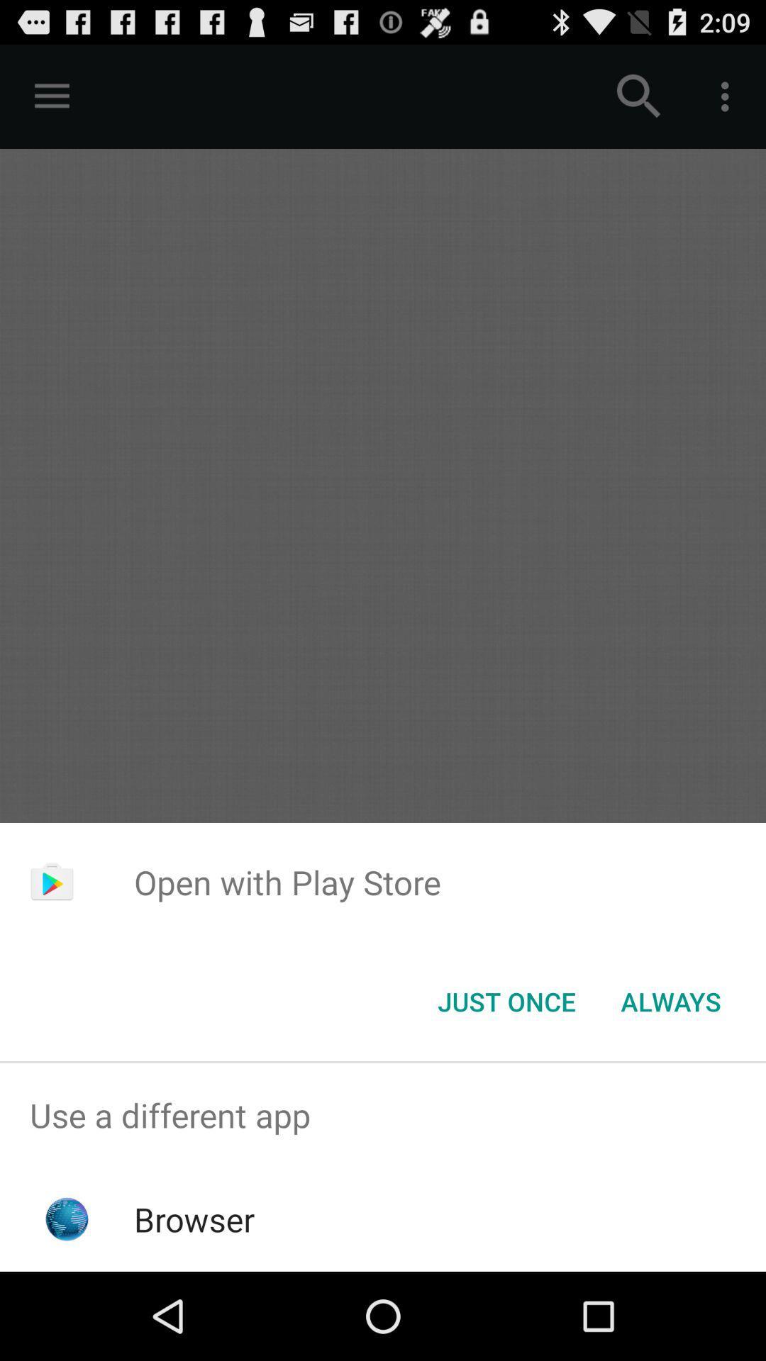 The image size is (766, 1361). I want to click on just once icon, so click(506, 1000).